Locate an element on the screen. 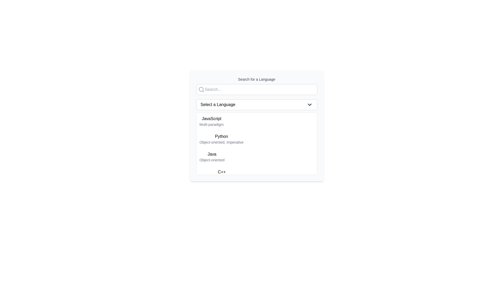 This screenshot has width=501, height=282. the third item in the 'Select a Language' dropdown menu is located at coordinates (257, 157).